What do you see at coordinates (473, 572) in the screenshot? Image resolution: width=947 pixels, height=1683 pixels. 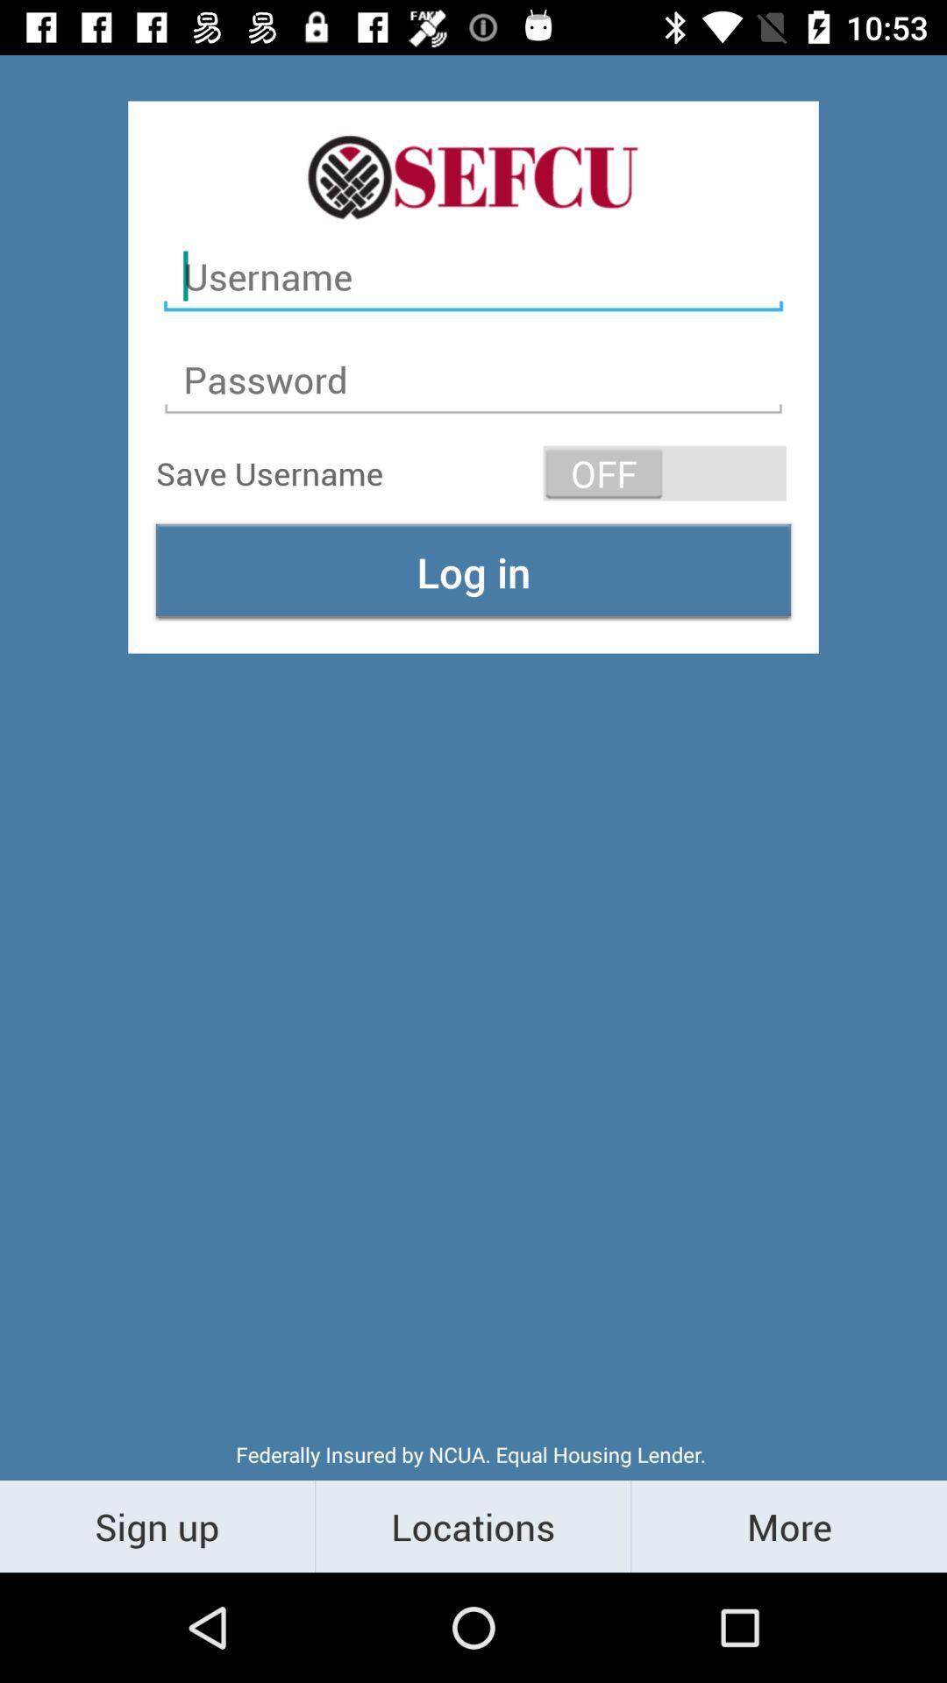 I see `icon above the federally insured by item` at bounding box center [473, 572].